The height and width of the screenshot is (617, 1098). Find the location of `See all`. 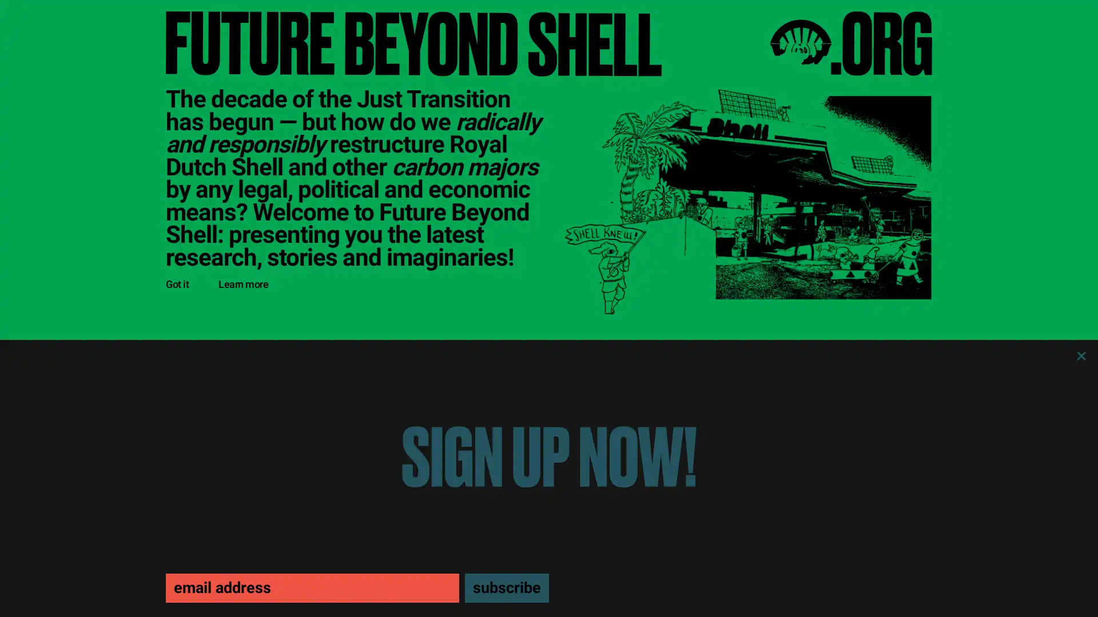

See all is located at coordinates (361, 358).